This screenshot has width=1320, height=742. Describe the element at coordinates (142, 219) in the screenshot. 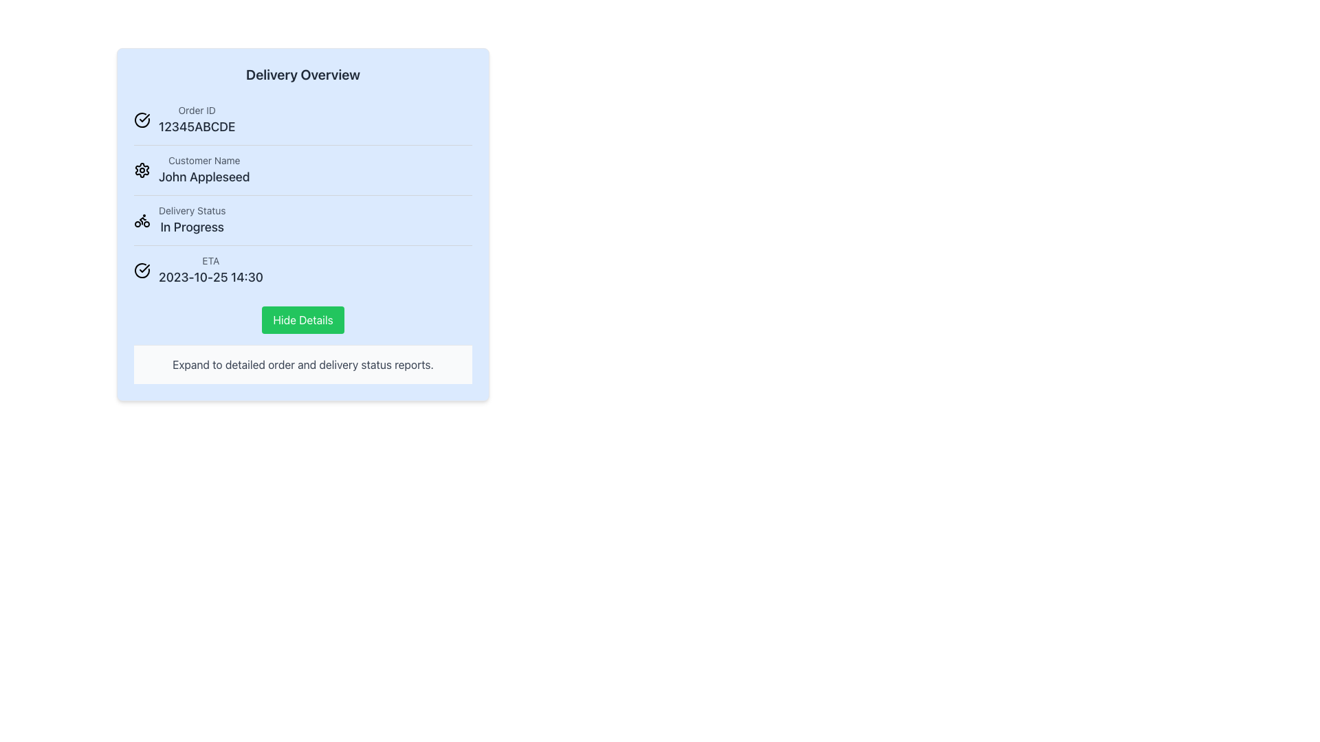

I see `the bicycle icon with a black outline in the Delivery Overview card, which is positioned before the text 'Delivery Status' and 'In Progress'` at that location.